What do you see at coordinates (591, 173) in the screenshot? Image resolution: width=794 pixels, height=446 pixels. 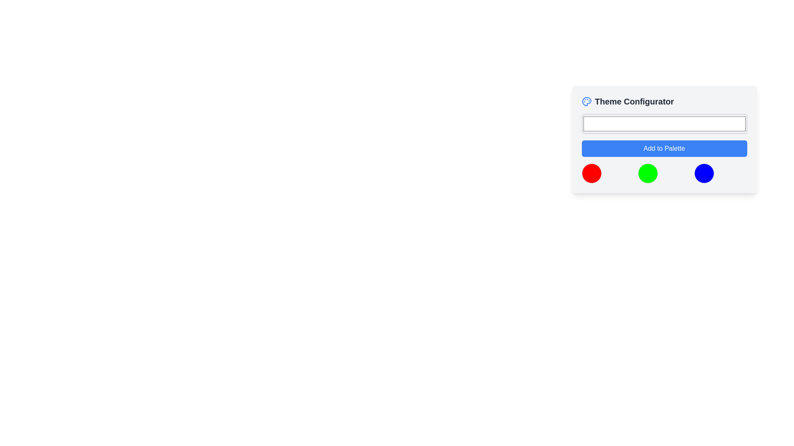 I see `the first circular button with a bright red background and gray border` at bounding box center [591, 173].